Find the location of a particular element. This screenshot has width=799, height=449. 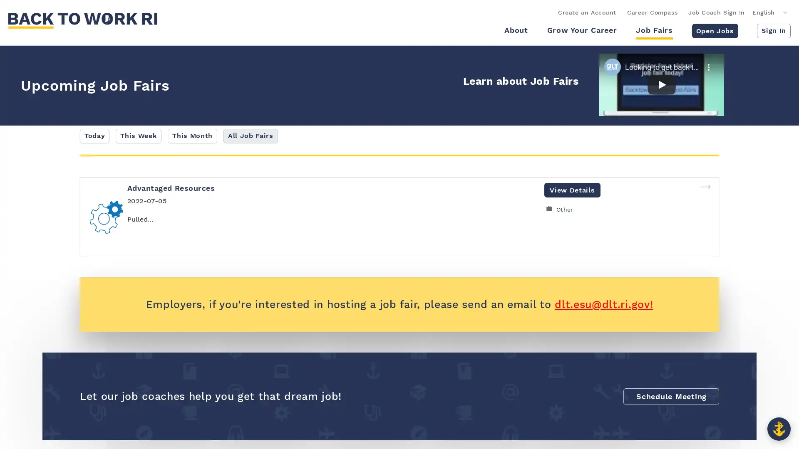

This Week is located at coordinates (138, 136).